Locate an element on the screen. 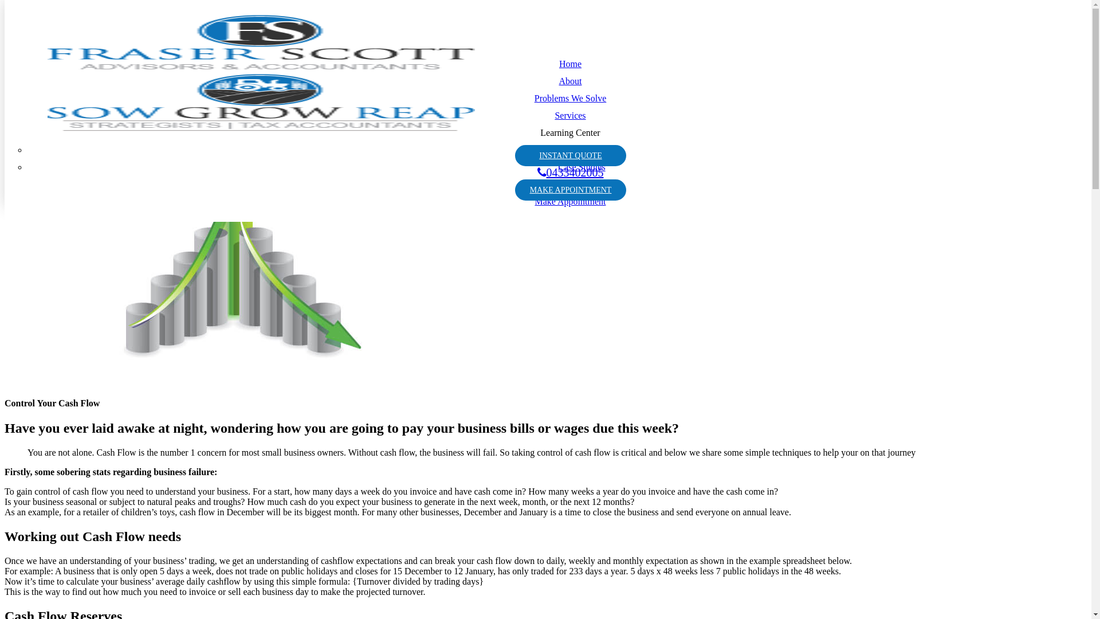  'INSTANT QUOTE' is located at coordinates (570, 155).